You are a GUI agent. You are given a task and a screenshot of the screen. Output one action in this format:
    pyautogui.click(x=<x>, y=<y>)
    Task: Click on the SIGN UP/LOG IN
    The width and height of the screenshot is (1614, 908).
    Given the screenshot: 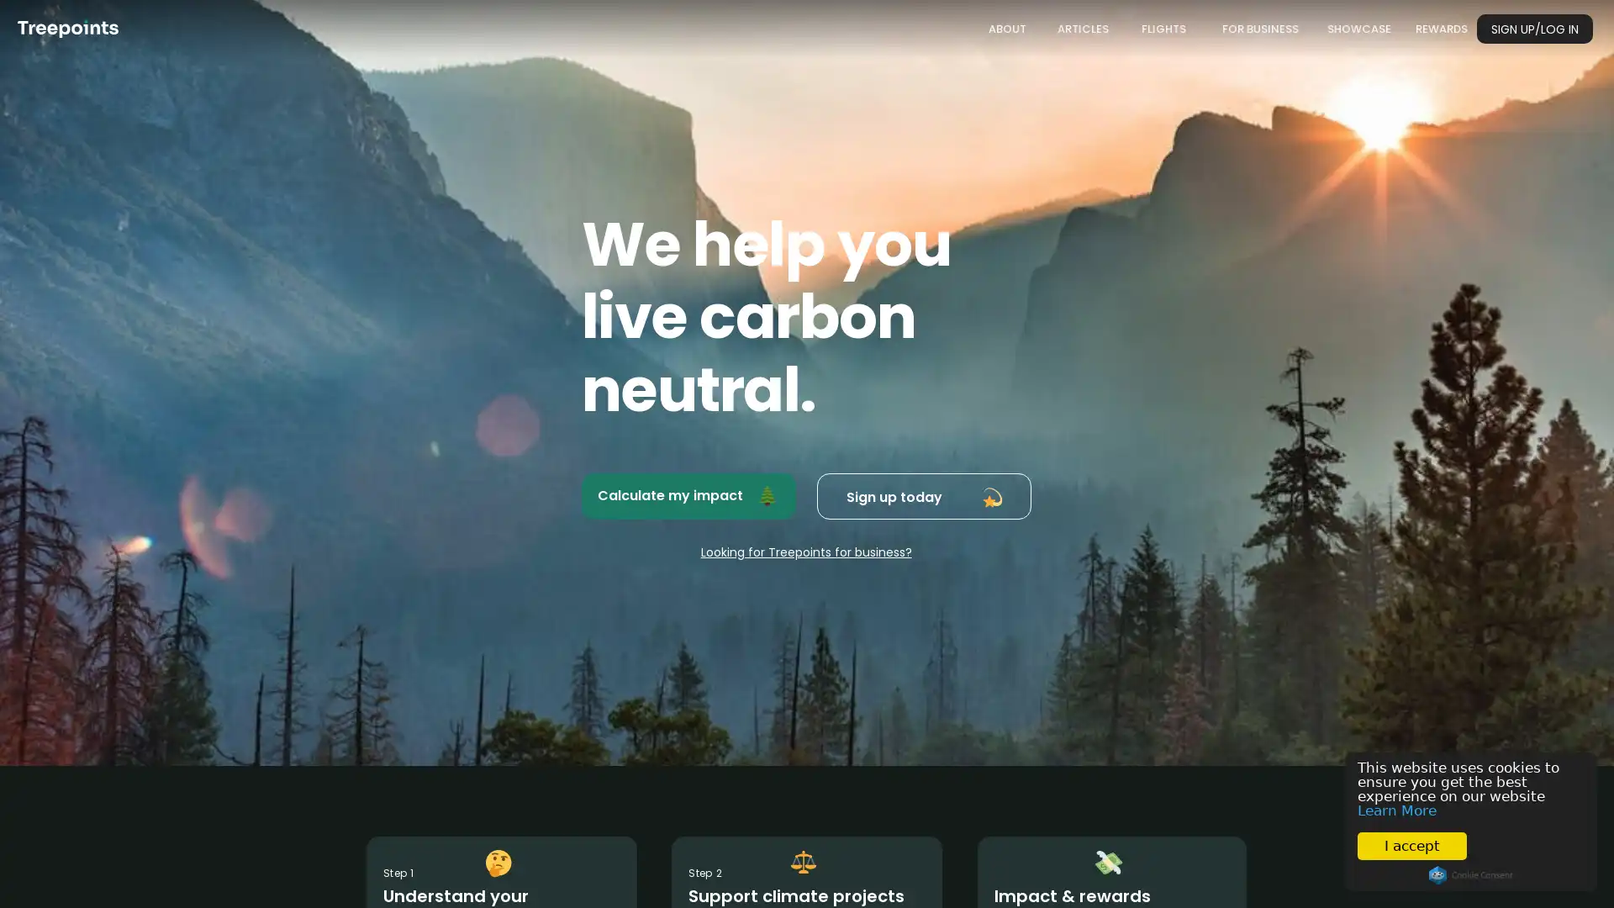 What is the action you would take?
    pyautogui.click(x=1534, y=29)
    